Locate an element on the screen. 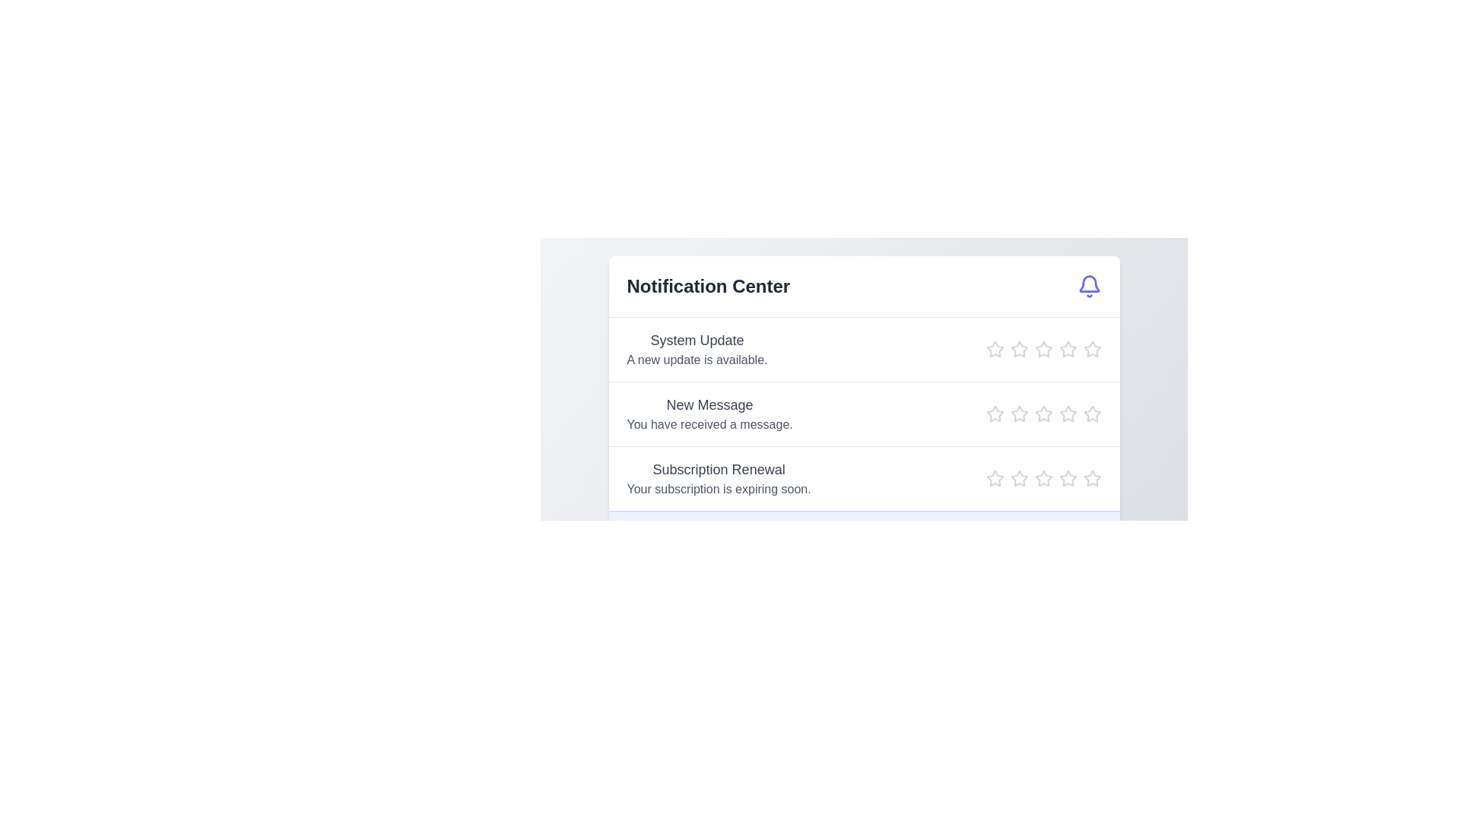 This screenshot has width=1460, height=821. the star icon corresponding to 4 stars in the Notification Center is located at coordinates (1067, 349).